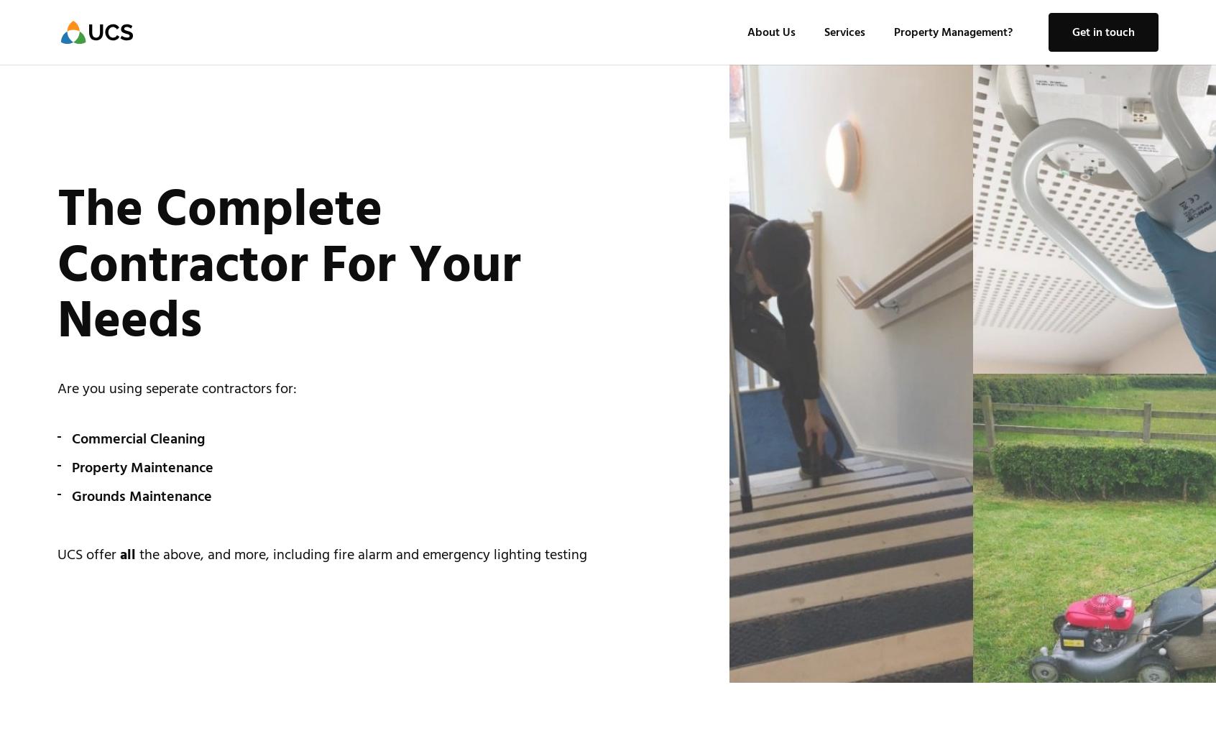  I want to click on 'the above, and more, including fire alarm and emergency lighting testing', so click(361, 554).